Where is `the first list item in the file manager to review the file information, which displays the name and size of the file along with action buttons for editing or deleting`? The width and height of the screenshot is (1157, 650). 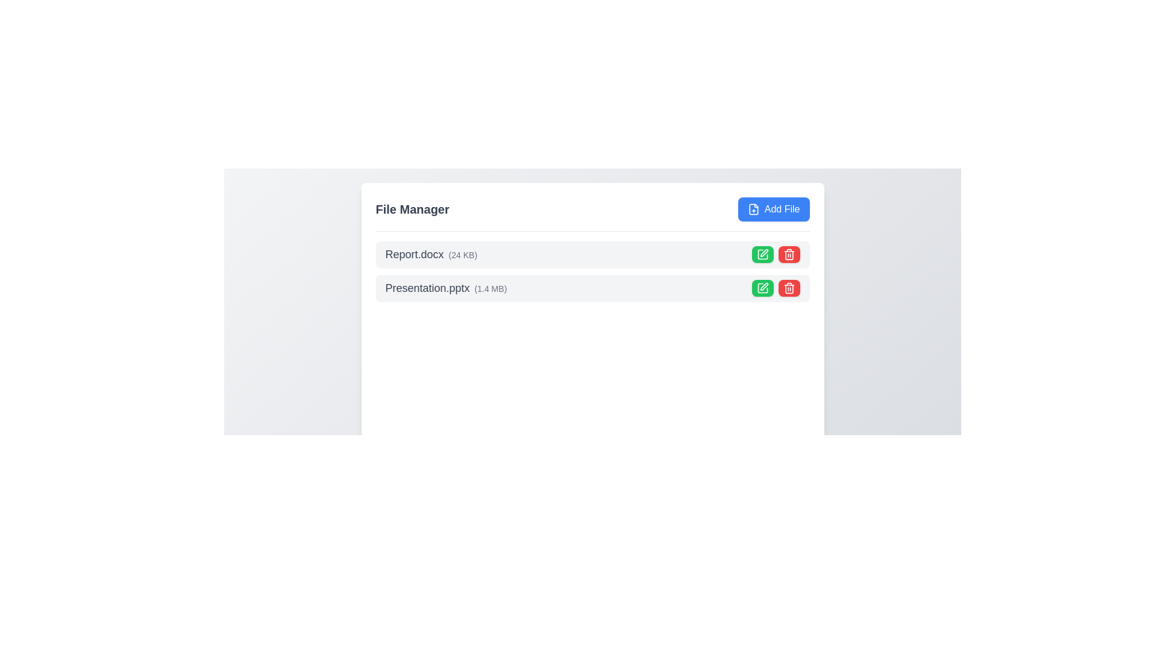
the first list item in the file manager to review the file information, which displays the name and size of the file along with action buttons for editing or deleting is located at coordinates (592, 254).